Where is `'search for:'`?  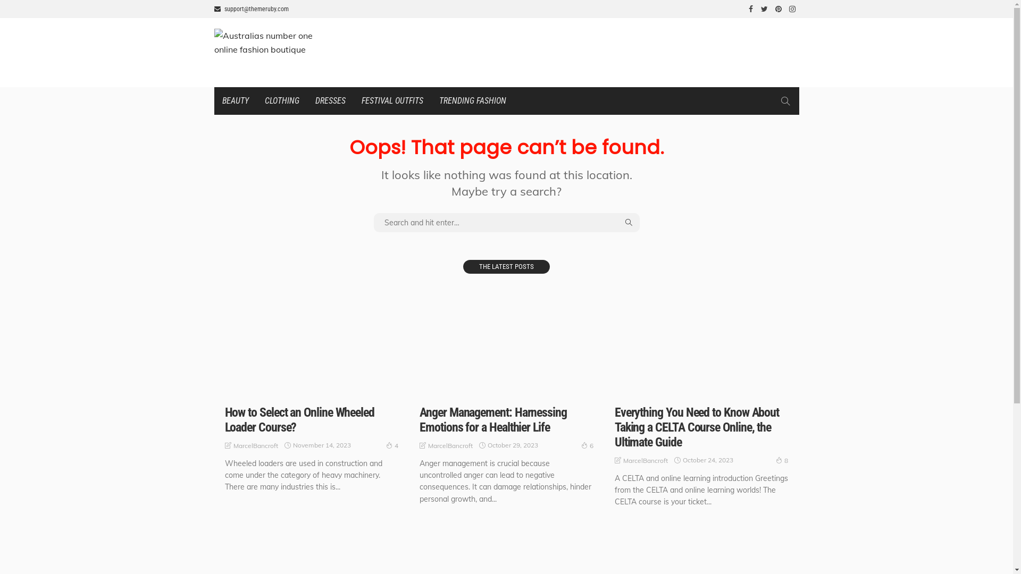 'search for:' is located at coordinates (505, 222).